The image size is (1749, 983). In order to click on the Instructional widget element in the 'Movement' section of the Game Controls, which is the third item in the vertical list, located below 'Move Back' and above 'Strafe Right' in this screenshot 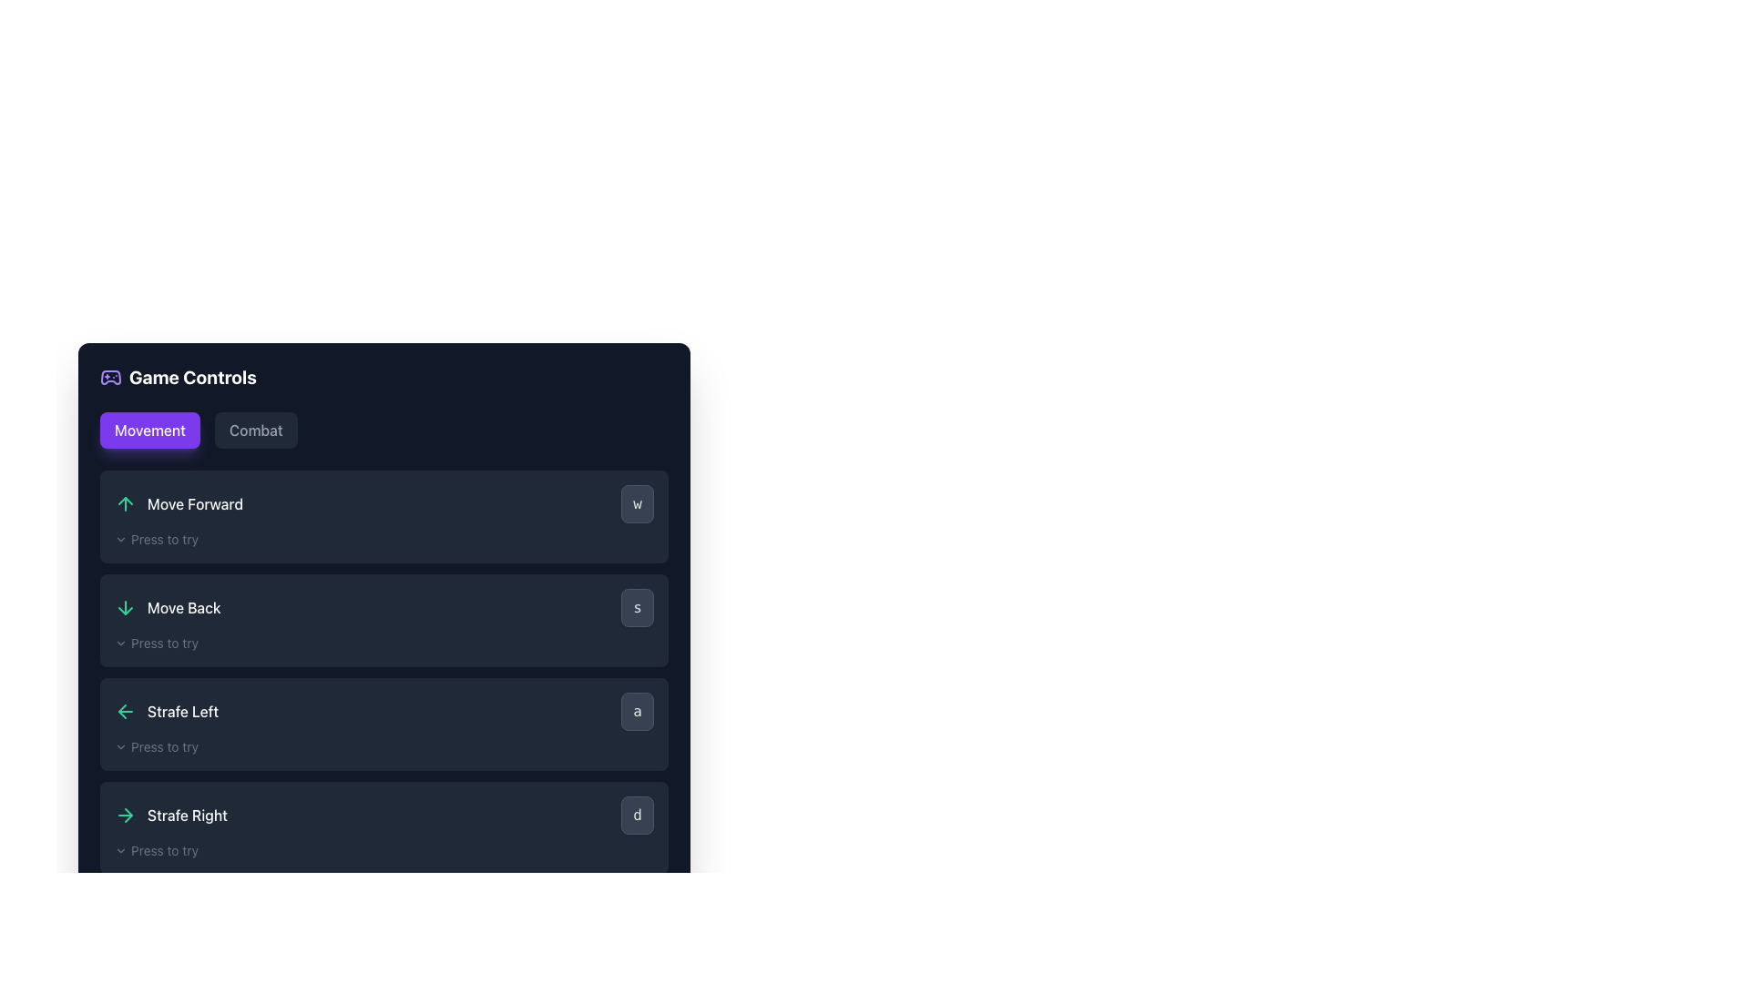, I will do `click(384, 673)`.